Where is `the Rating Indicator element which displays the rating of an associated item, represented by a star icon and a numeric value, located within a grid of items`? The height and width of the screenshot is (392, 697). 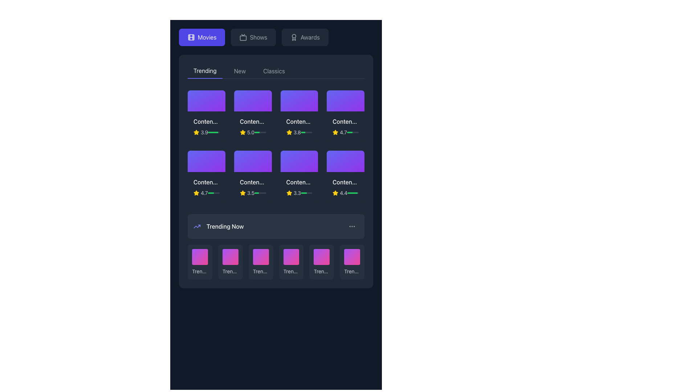 the Rating Indicator element which displays the rating of an associated item, represented by a star icon and a numeric value, located within a grid of items is located at coordinates (339, 192).